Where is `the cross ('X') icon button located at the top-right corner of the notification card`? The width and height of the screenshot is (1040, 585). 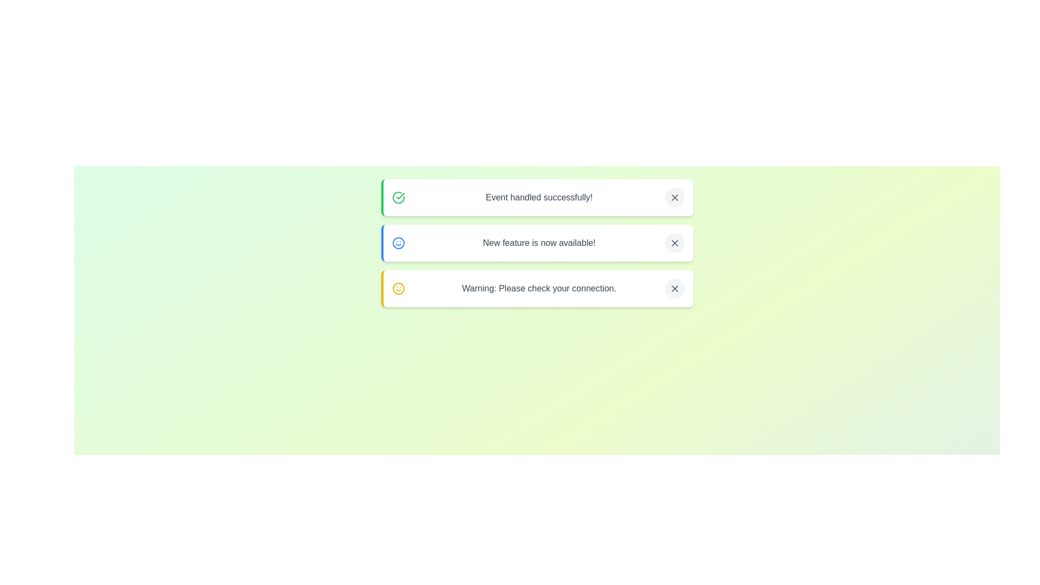
the cross ('X') icon button located at the top-right corner of the notification card is located at coordinates (674, 242).